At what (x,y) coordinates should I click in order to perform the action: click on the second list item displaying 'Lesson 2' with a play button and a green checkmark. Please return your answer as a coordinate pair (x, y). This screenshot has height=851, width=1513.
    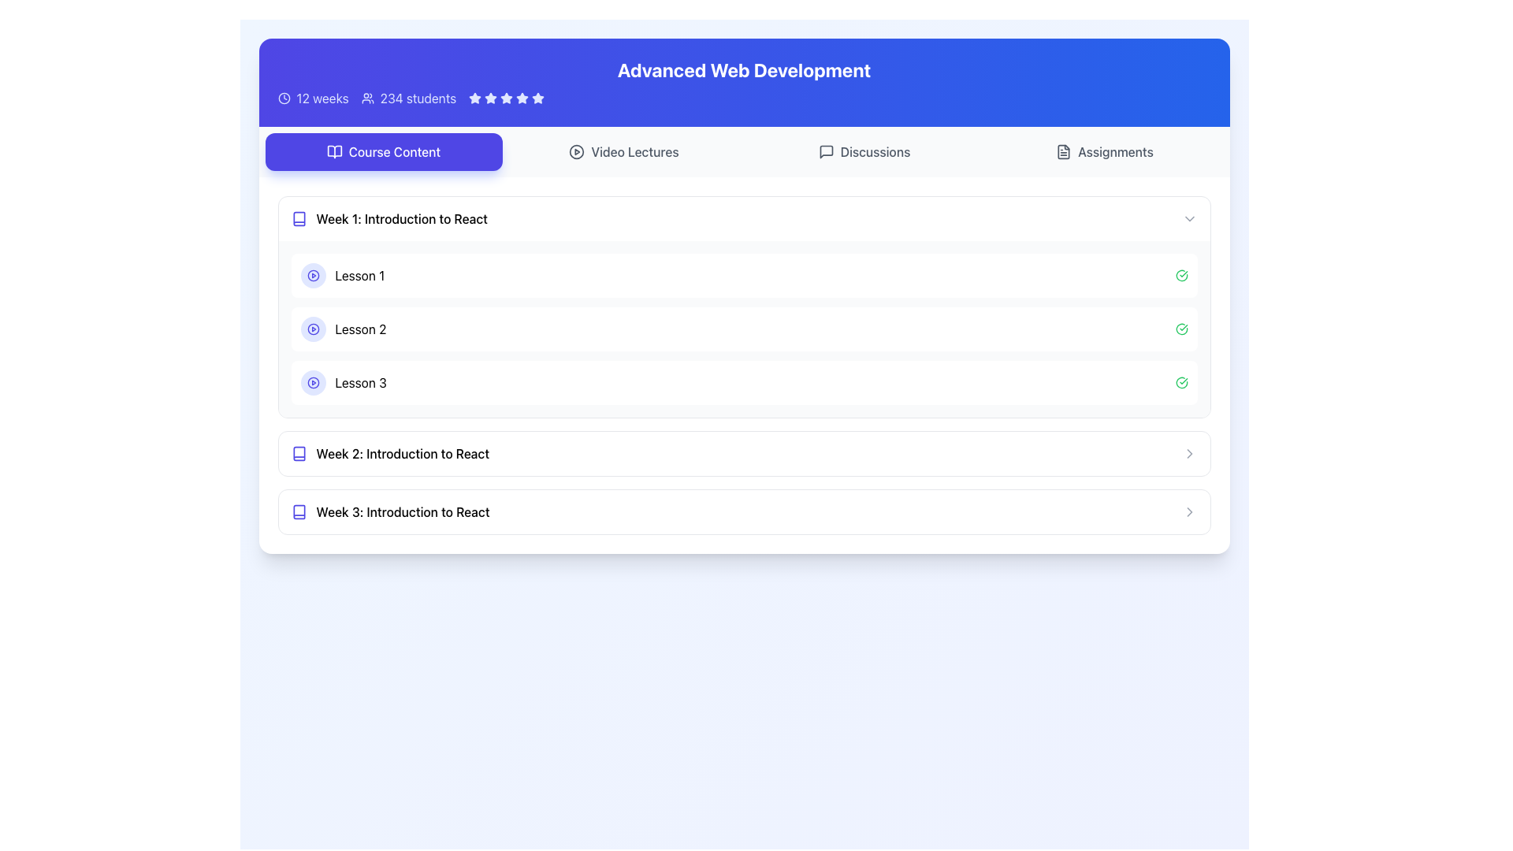
    Looking at the image, I should click on (743, 328).